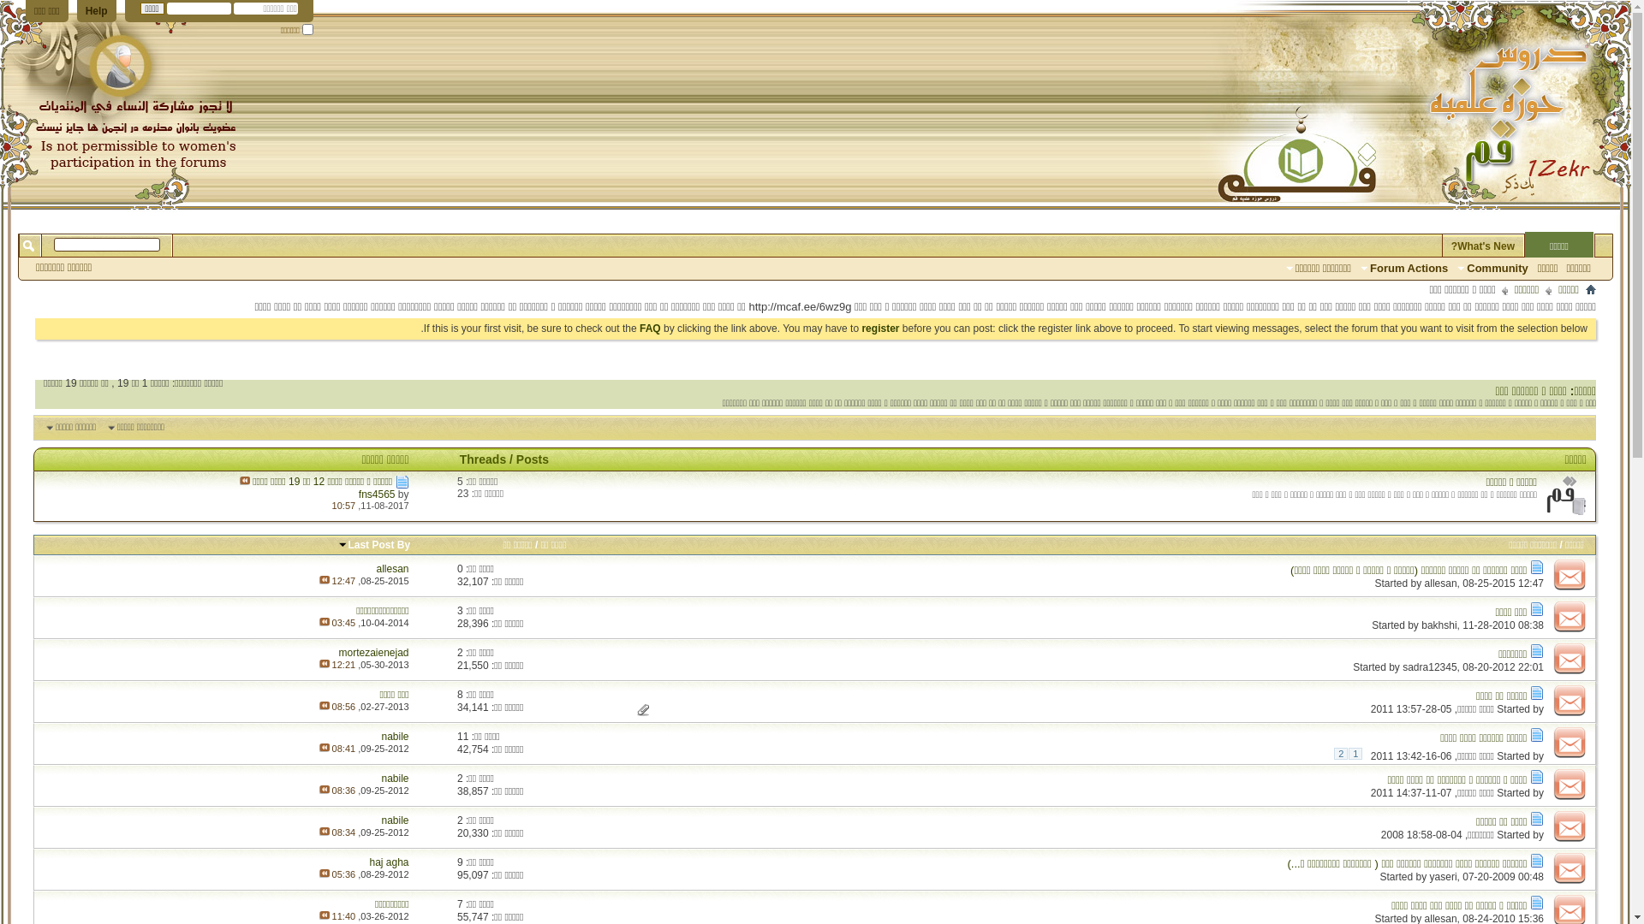 Image resolution: width=1644 pixels, height=924 pixels. I want to click on '11', so click(456, 735).